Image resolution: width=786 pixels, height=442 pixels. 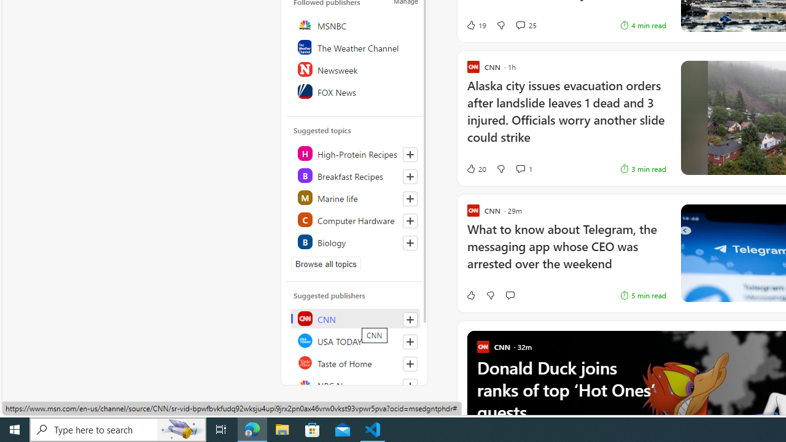 What do you see at coordinates (520, 25) in the screenshot?
I see `'View comments 25 Comment'` at bounding box center [520, 25].